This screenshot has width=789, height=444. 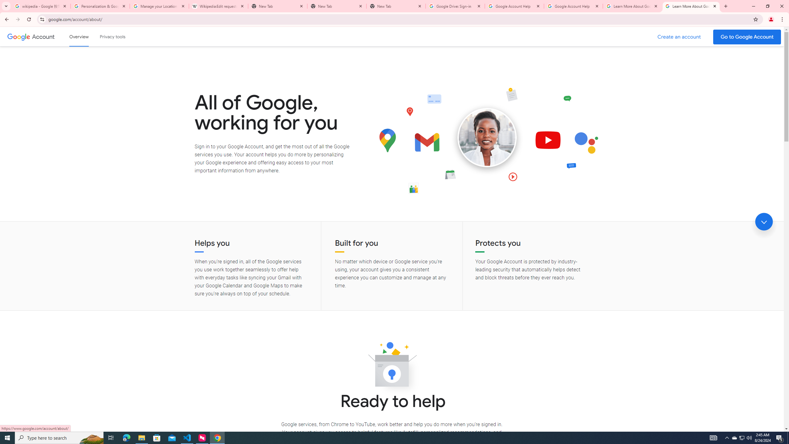 What do you see at coordinates (392, 366) in the screenshot?
I see `'Ready to help'` at bounding box center [392, 366].